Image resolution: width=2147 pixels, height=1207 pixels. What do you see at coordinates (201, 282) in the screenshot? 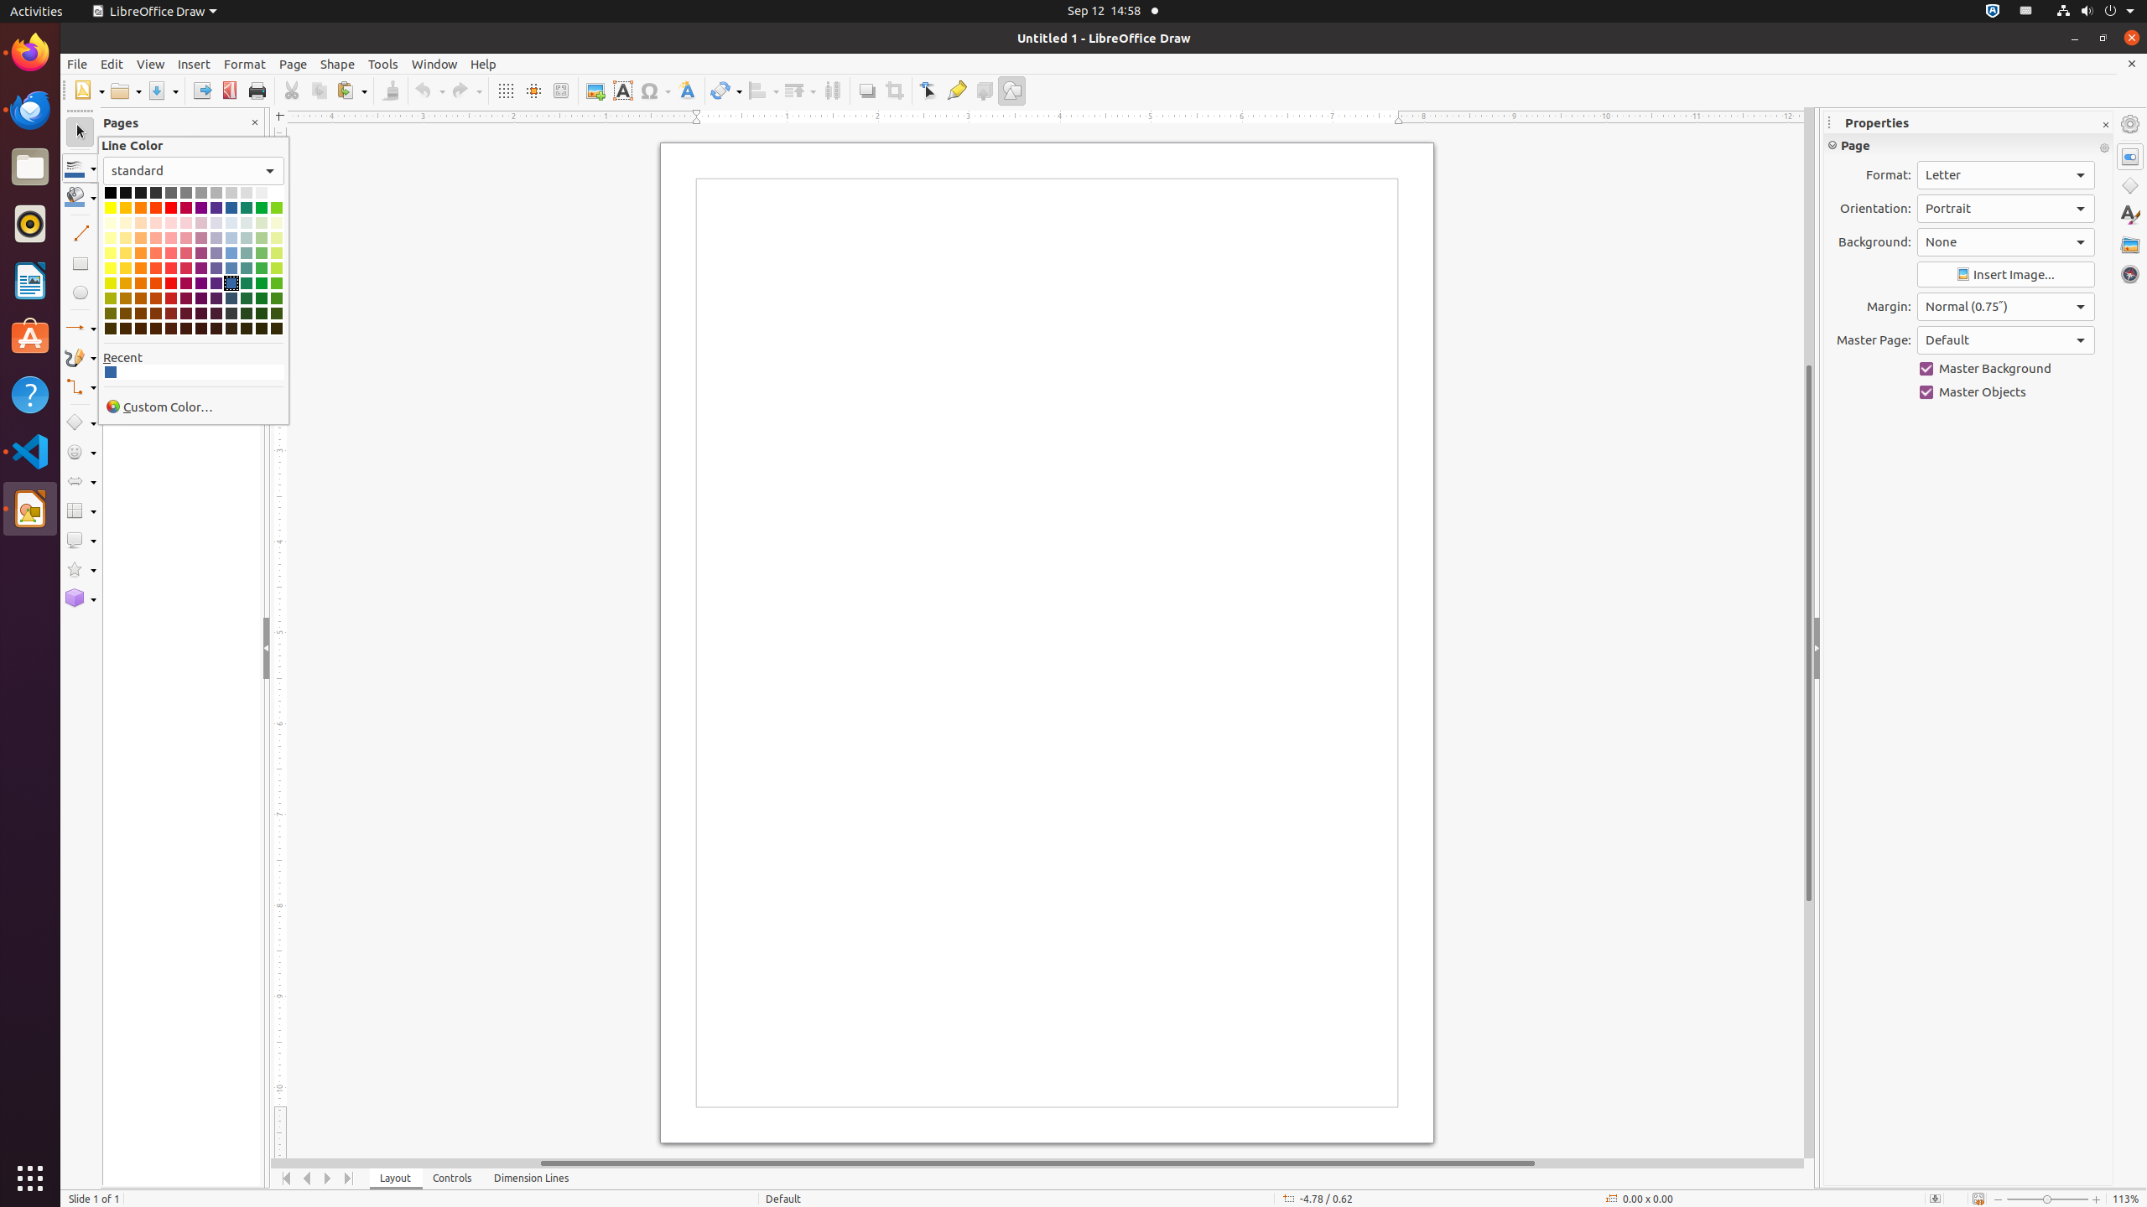
I see `'Dark Purple 1'` at bounding box center [201, 282].